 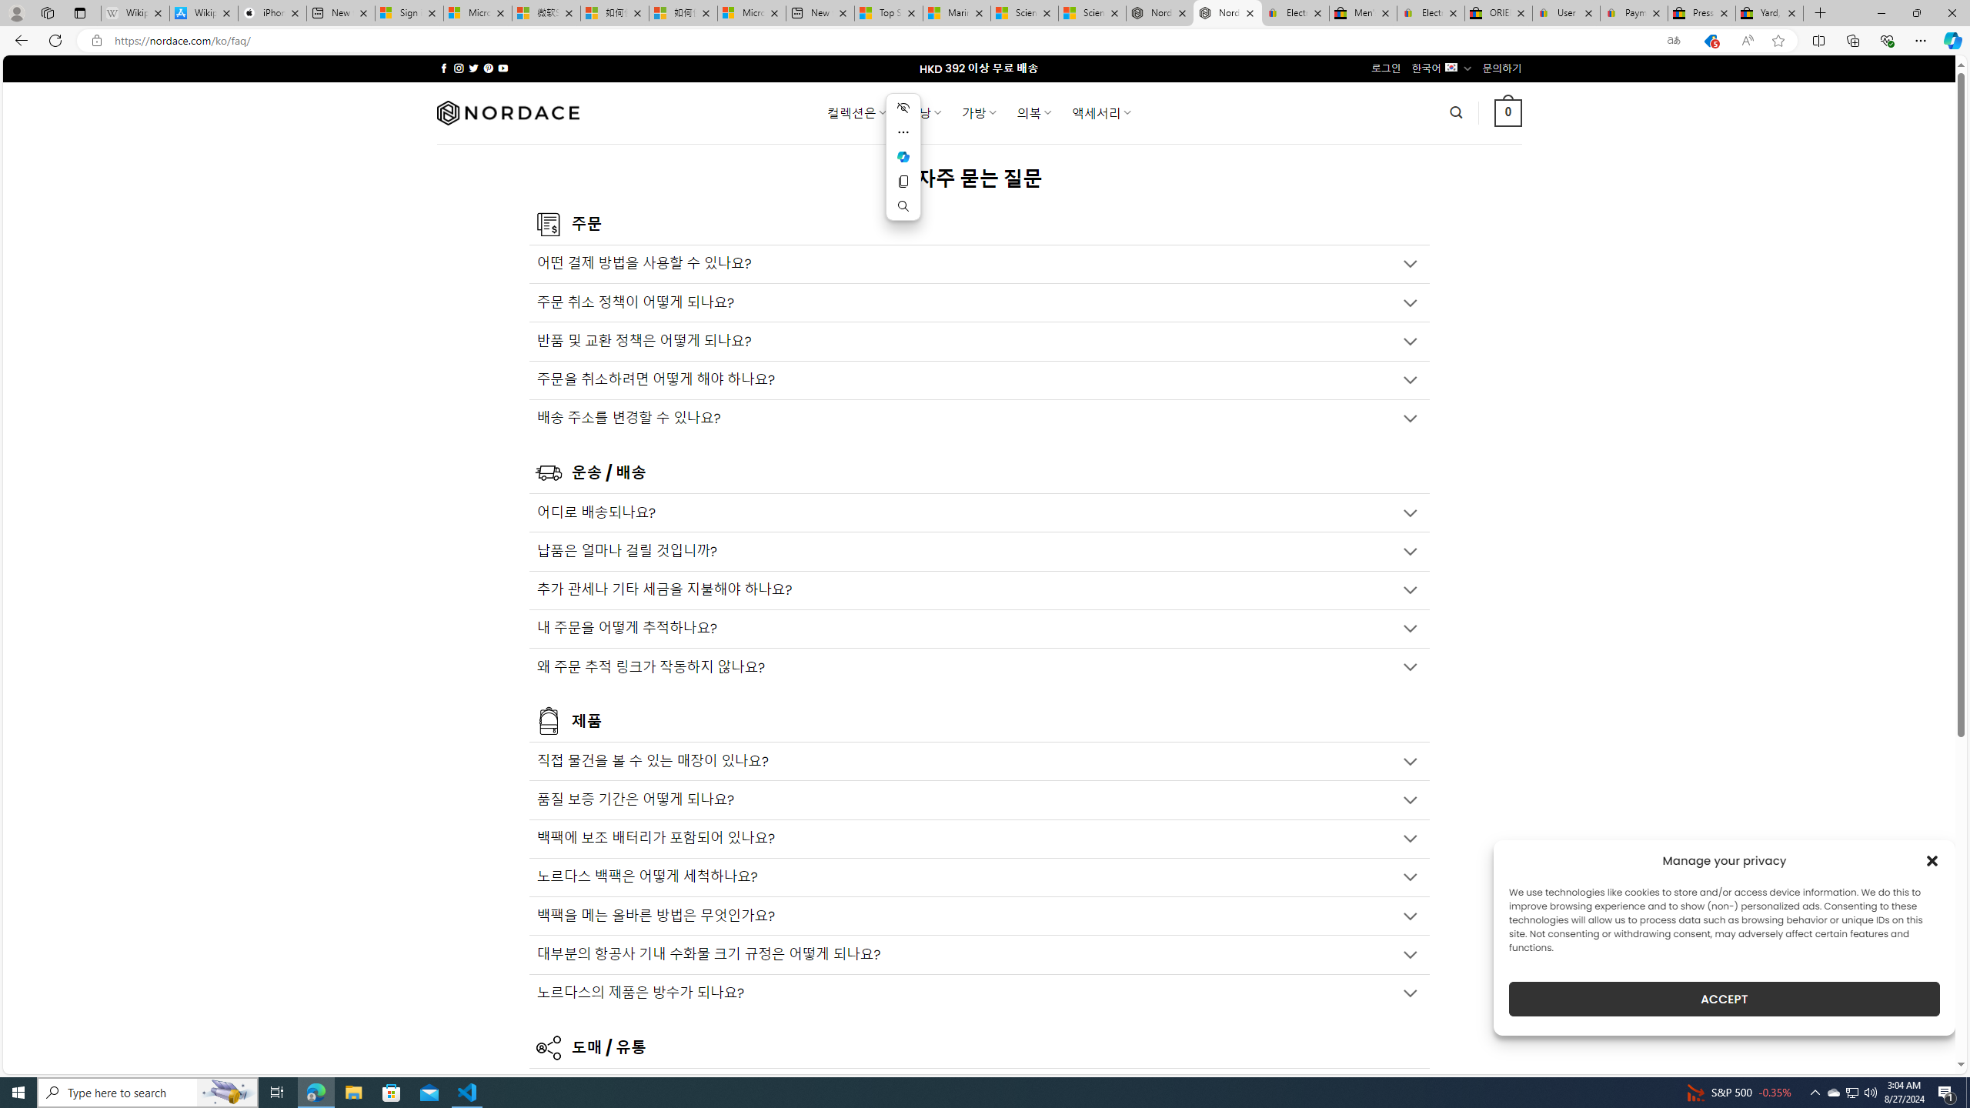 I want to click on 'Mini menu on text selection', so click(x=903, y=156).